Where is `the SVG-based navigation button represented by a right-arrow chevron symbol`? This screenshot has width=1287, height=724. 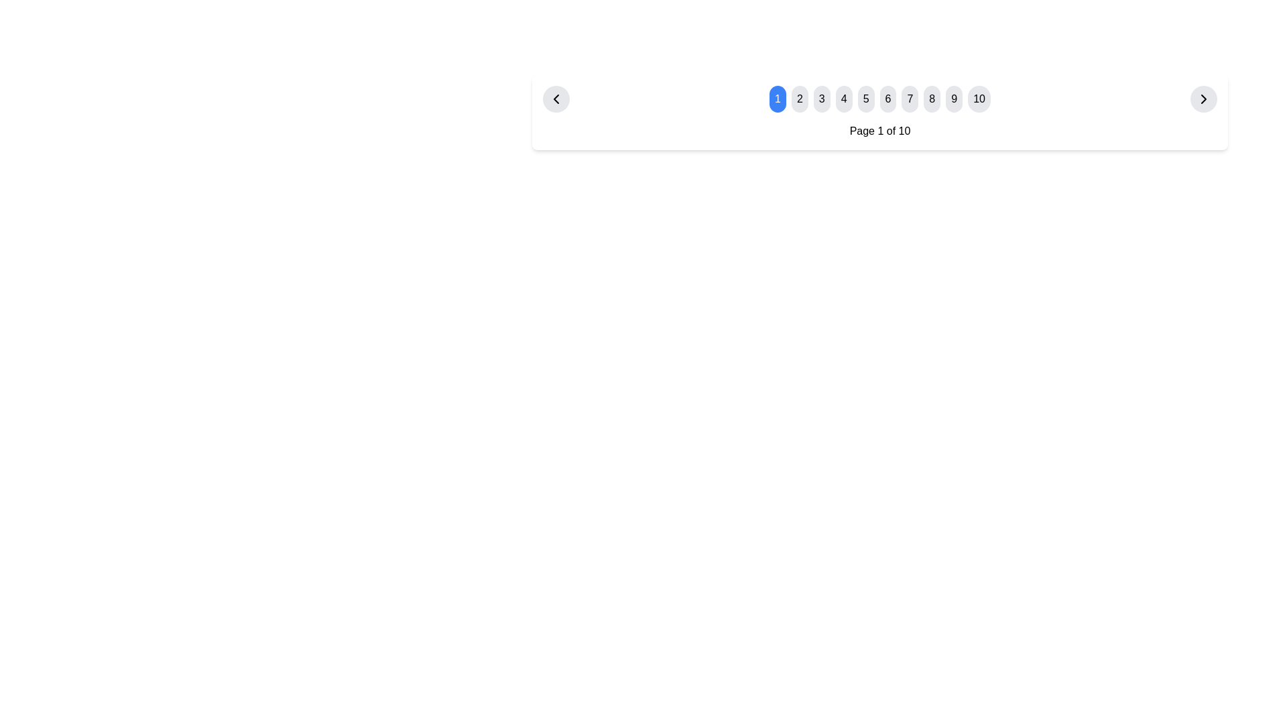 the SVG-based navigation button represented by a right-arrow chevron symbol is located at coordinates (1203, 98).